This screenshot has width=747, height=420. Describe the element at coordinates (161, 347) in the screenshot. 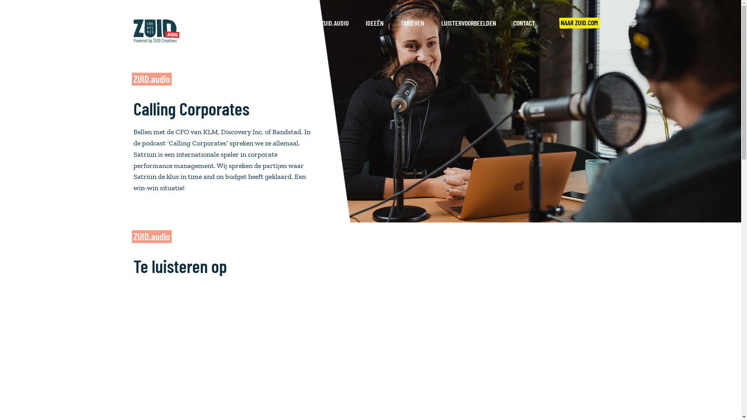

I see `'Content Marketing'` at that location.